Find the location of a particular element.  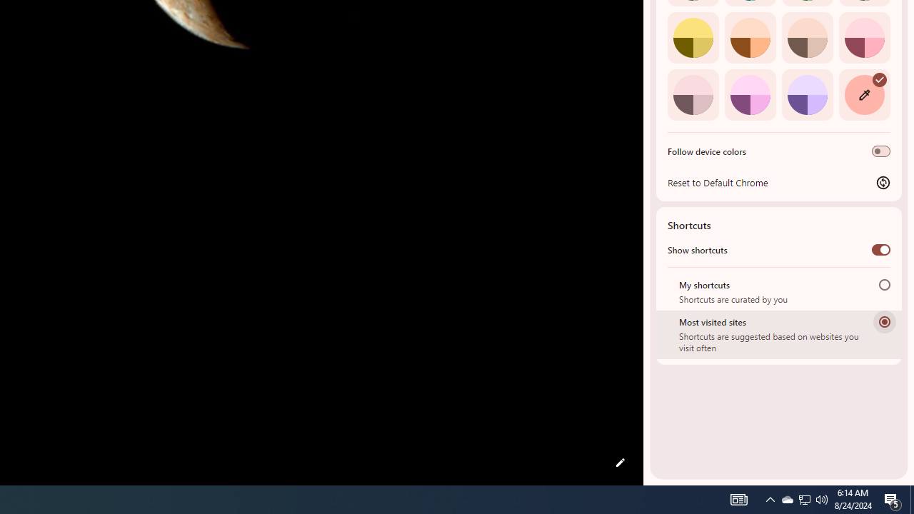

'Custom color' is located at coordinates (863, 94).